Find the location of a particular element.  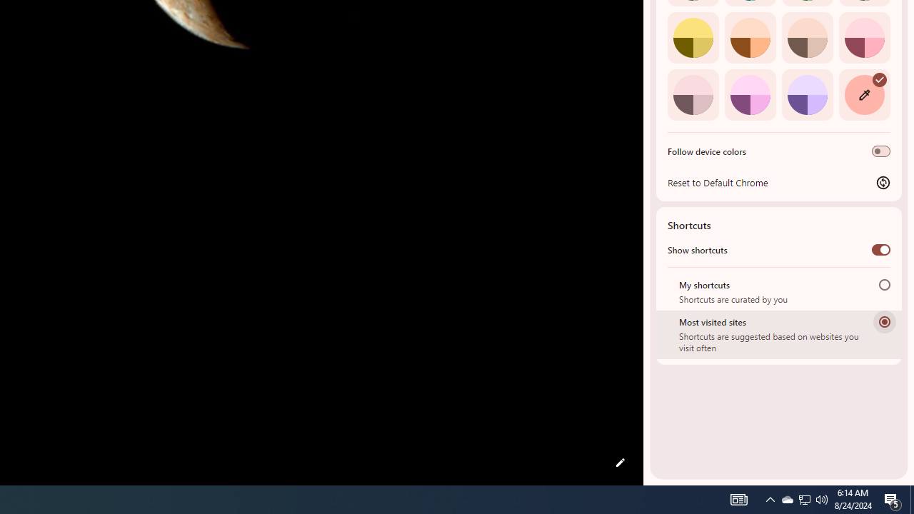

'Custom color' is located at coordinates (863, 94).